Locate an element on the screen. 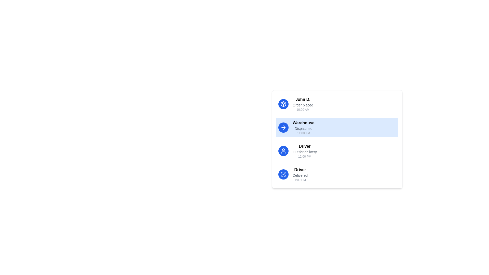  the blue and white polygonal SVG graphic icon indicating the 'Warehouse' stage, located to the left of the 'Warehouse - Dispatched' text is located at coordinates (283, 104).